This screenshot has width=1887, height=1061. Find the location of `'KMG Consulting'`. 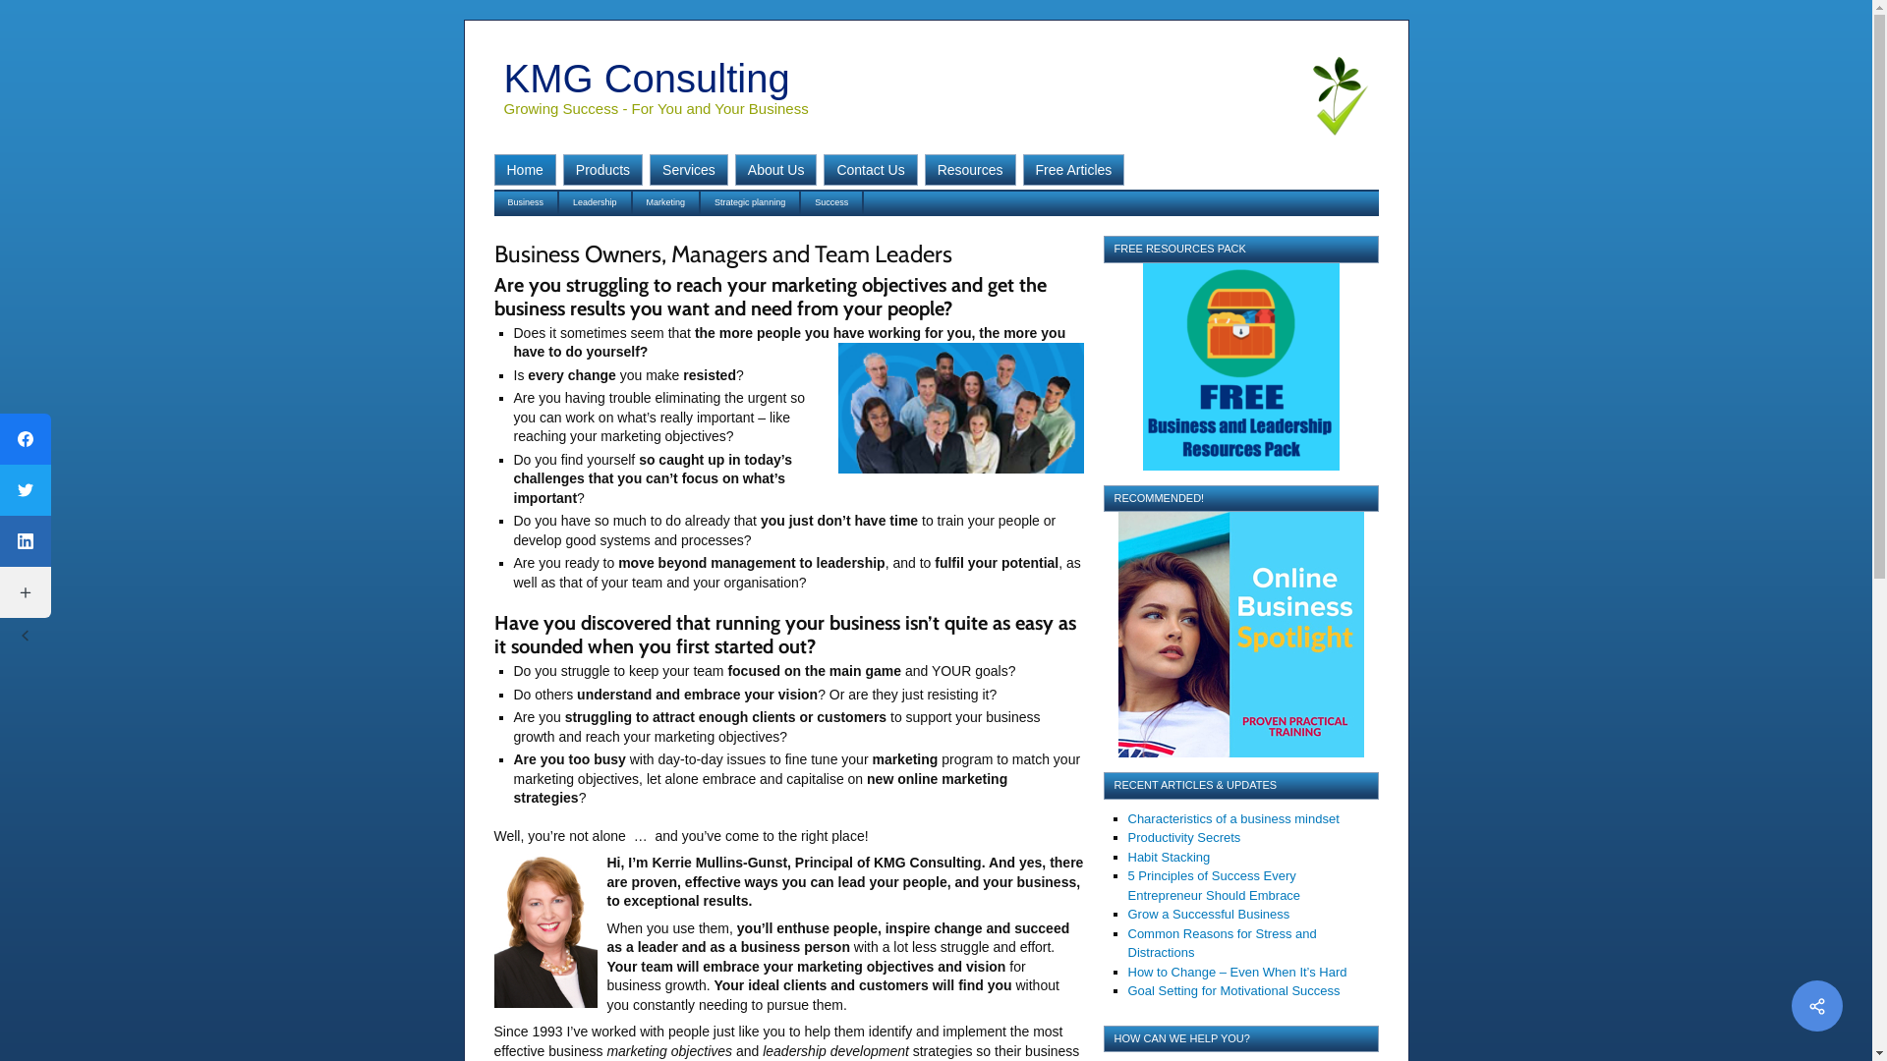

'KMG Consulting' is located at coordinates (646, 78).